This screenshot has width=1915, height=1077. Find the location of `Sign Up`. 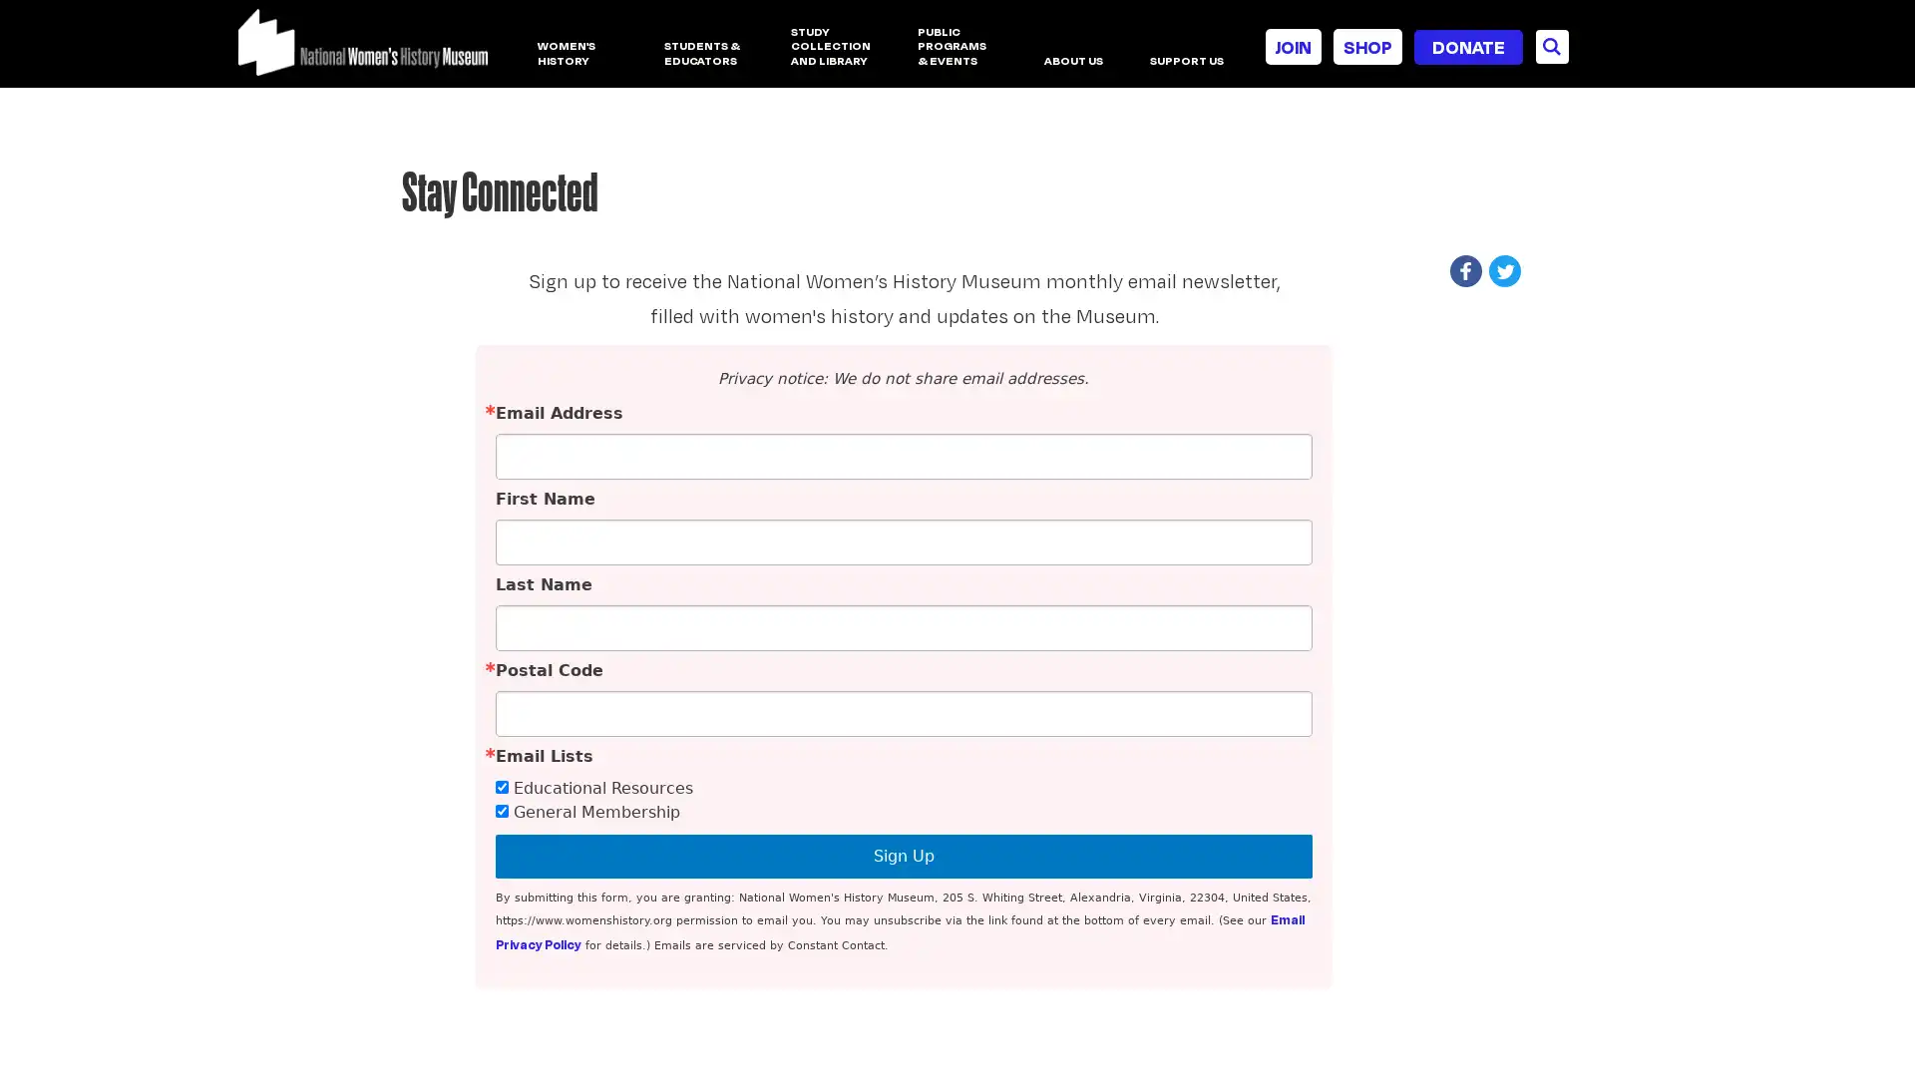

Sign Up is located at coordinates (903, 854).